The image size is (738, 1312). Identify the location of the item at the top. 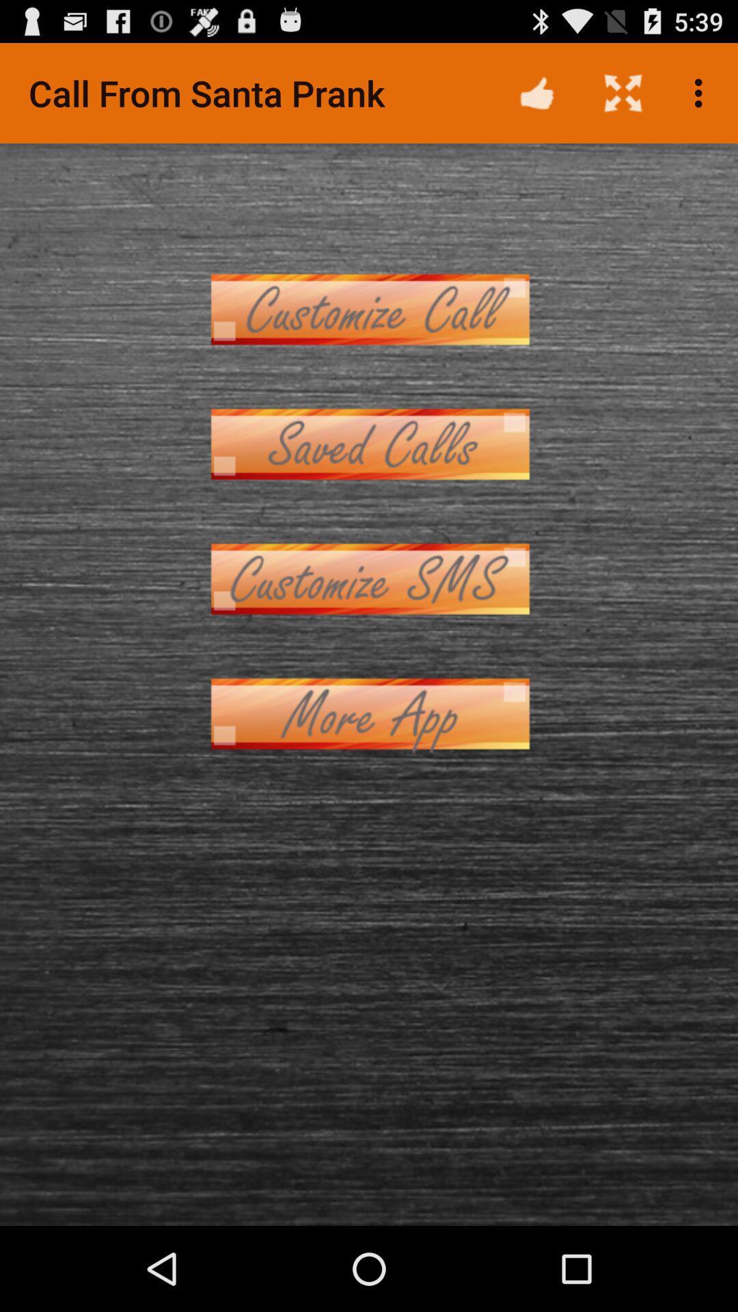
(369, 308).